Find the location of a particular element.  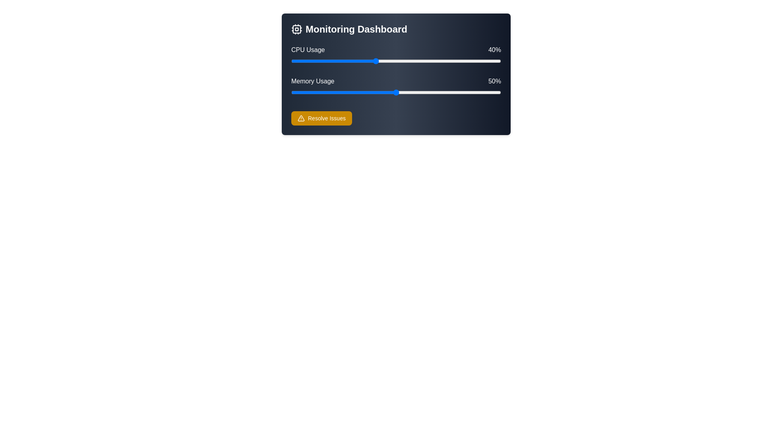

CPU usage is located at coordinates (451, 61).